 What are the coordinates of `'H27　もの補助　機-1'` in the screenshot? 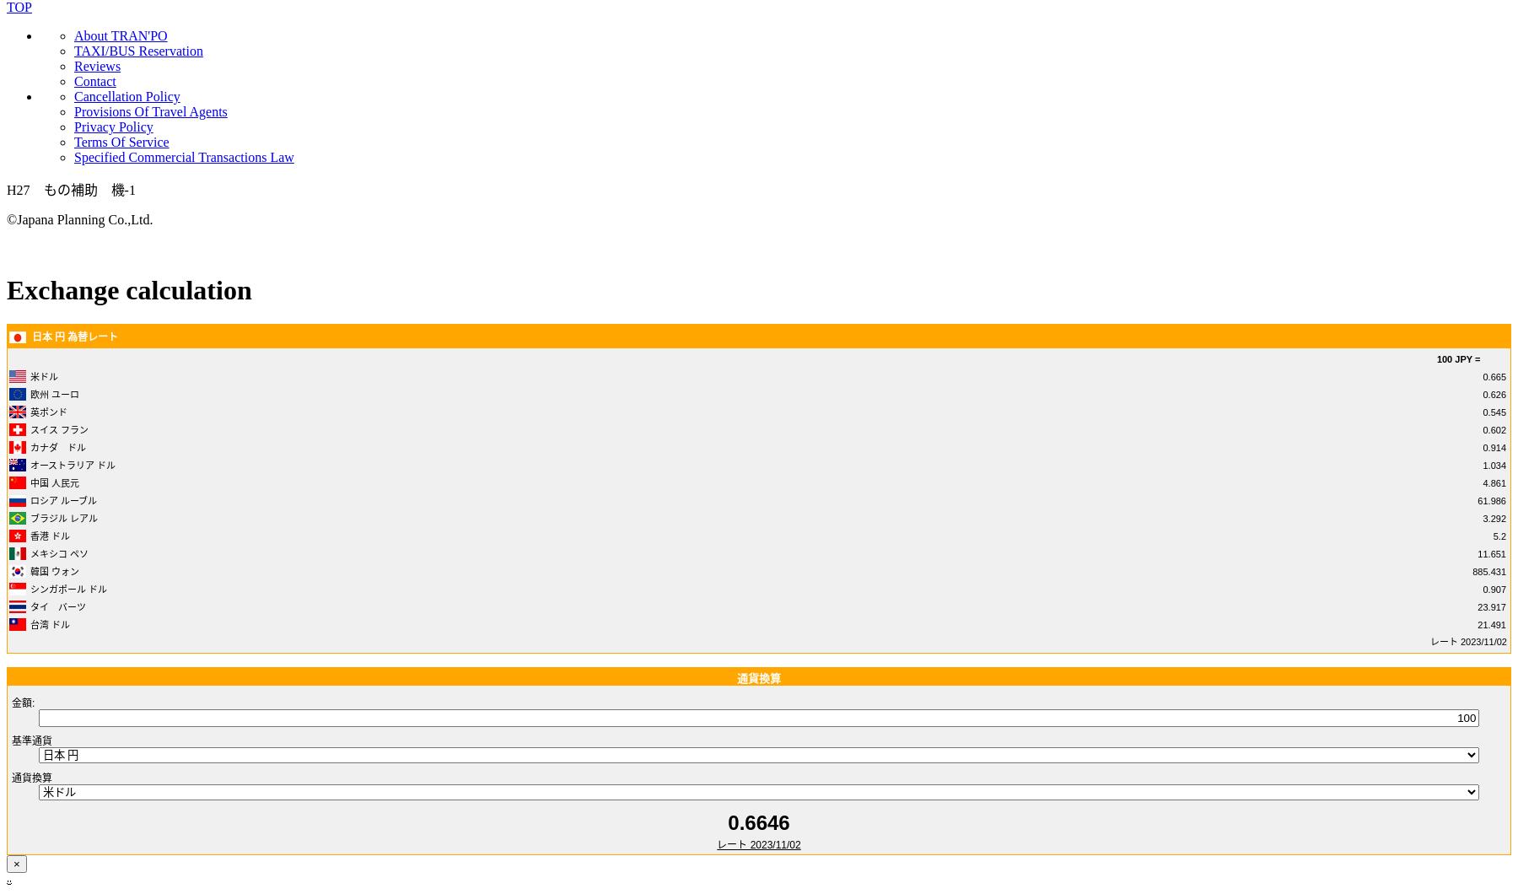 It's located at (70, 189).